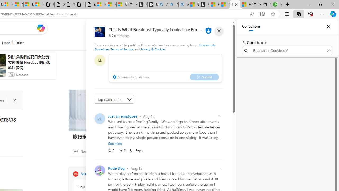 This screenshot has width=339, height=191. What do you see at coordinates (122, 116) in the screenshot?
I see `'Just an employee'` at bounding box center [122, 116].